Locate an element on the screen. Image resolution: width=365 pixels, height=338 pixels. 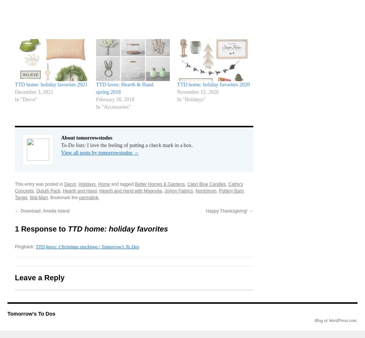
'Leave a Reply' is located at coordinates (39, 277).